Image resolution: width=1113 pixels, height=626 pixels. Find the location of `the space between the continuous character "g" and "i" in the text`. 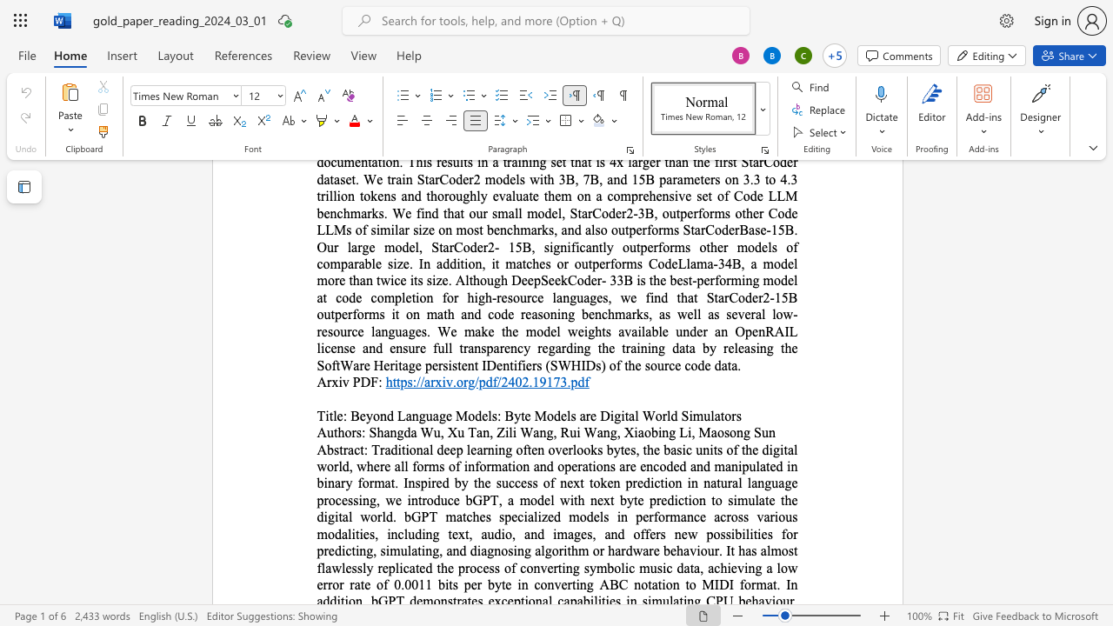

the space between the continuous character "g" and "i" in the text is located at coordinates (620, 416).